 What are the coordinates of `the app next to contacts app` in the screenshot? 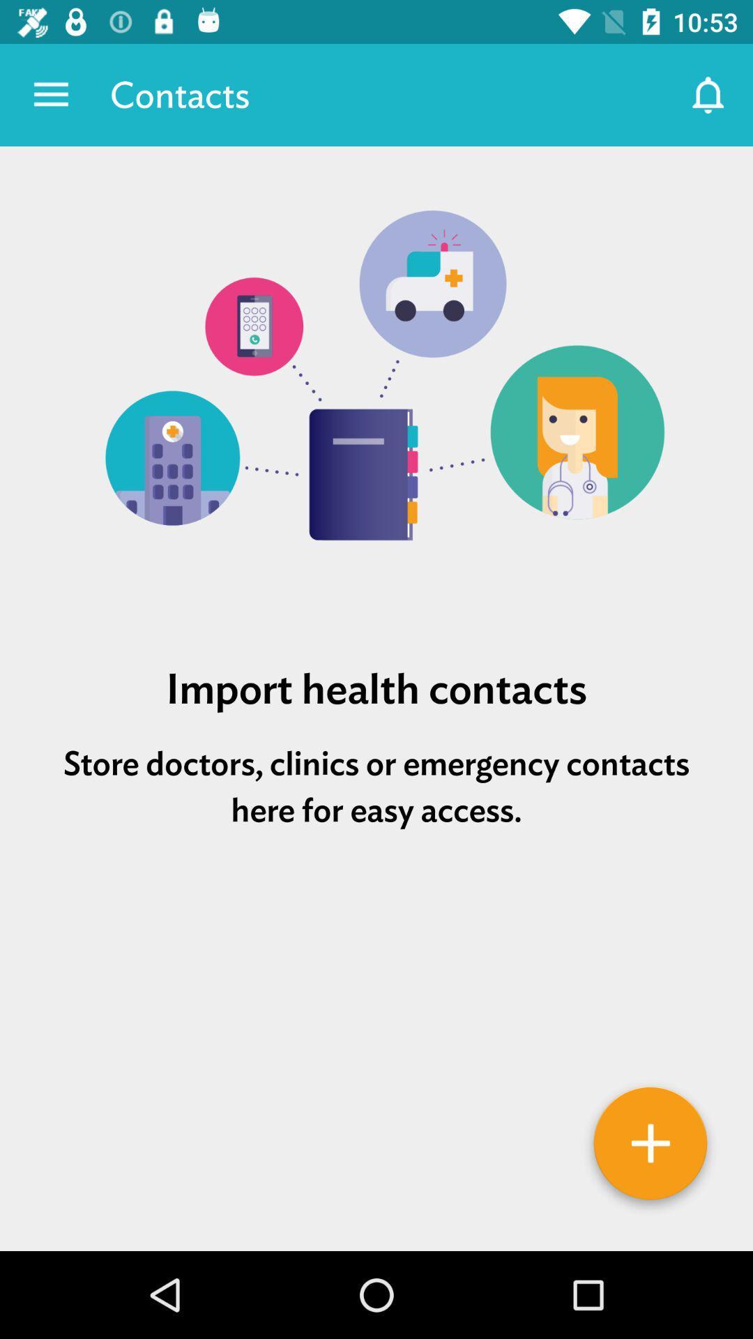 It's located at (50, 94).